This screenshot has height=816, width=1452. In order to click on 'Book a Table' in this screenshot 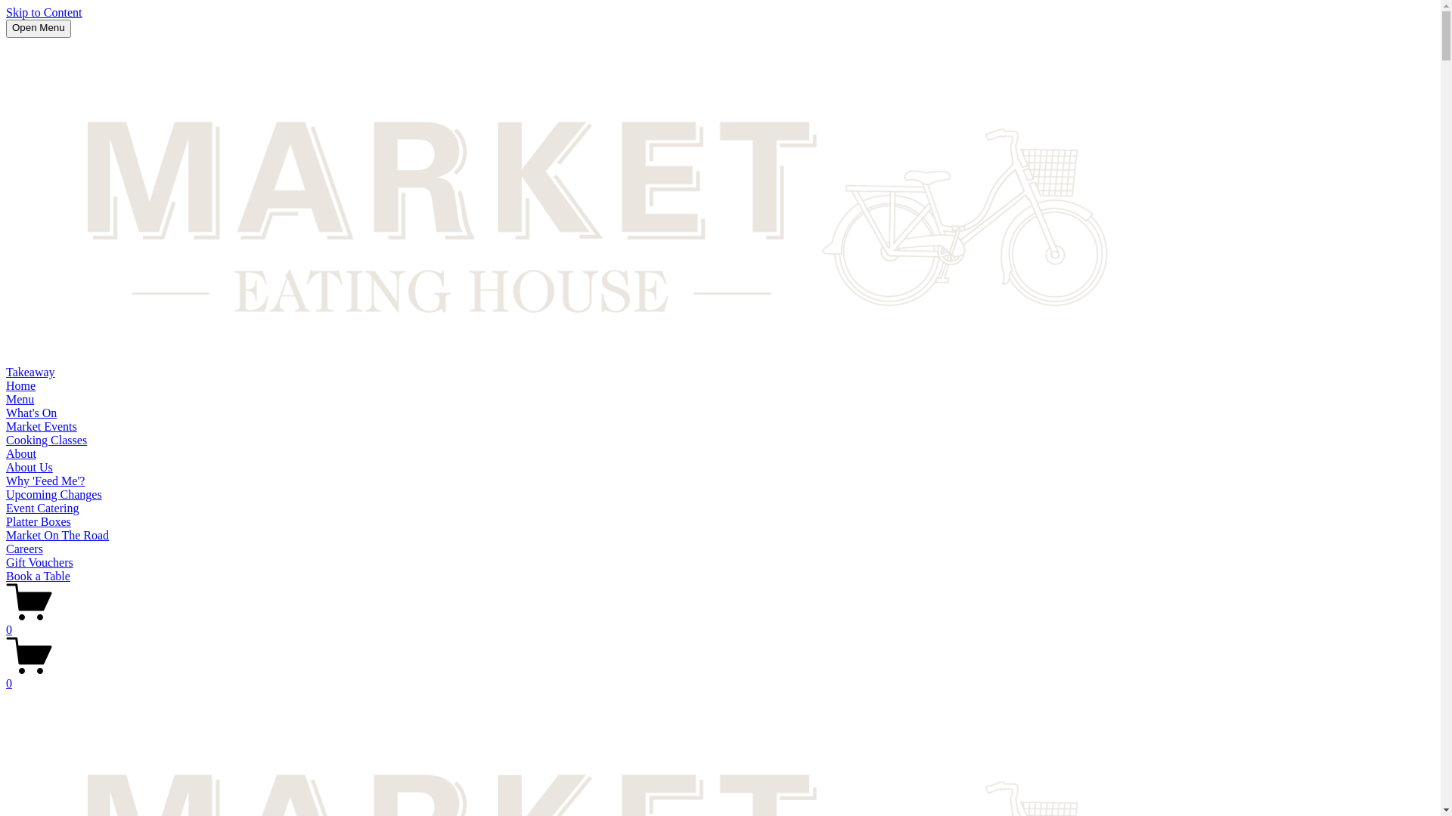, I will do `click(38, 576)`.